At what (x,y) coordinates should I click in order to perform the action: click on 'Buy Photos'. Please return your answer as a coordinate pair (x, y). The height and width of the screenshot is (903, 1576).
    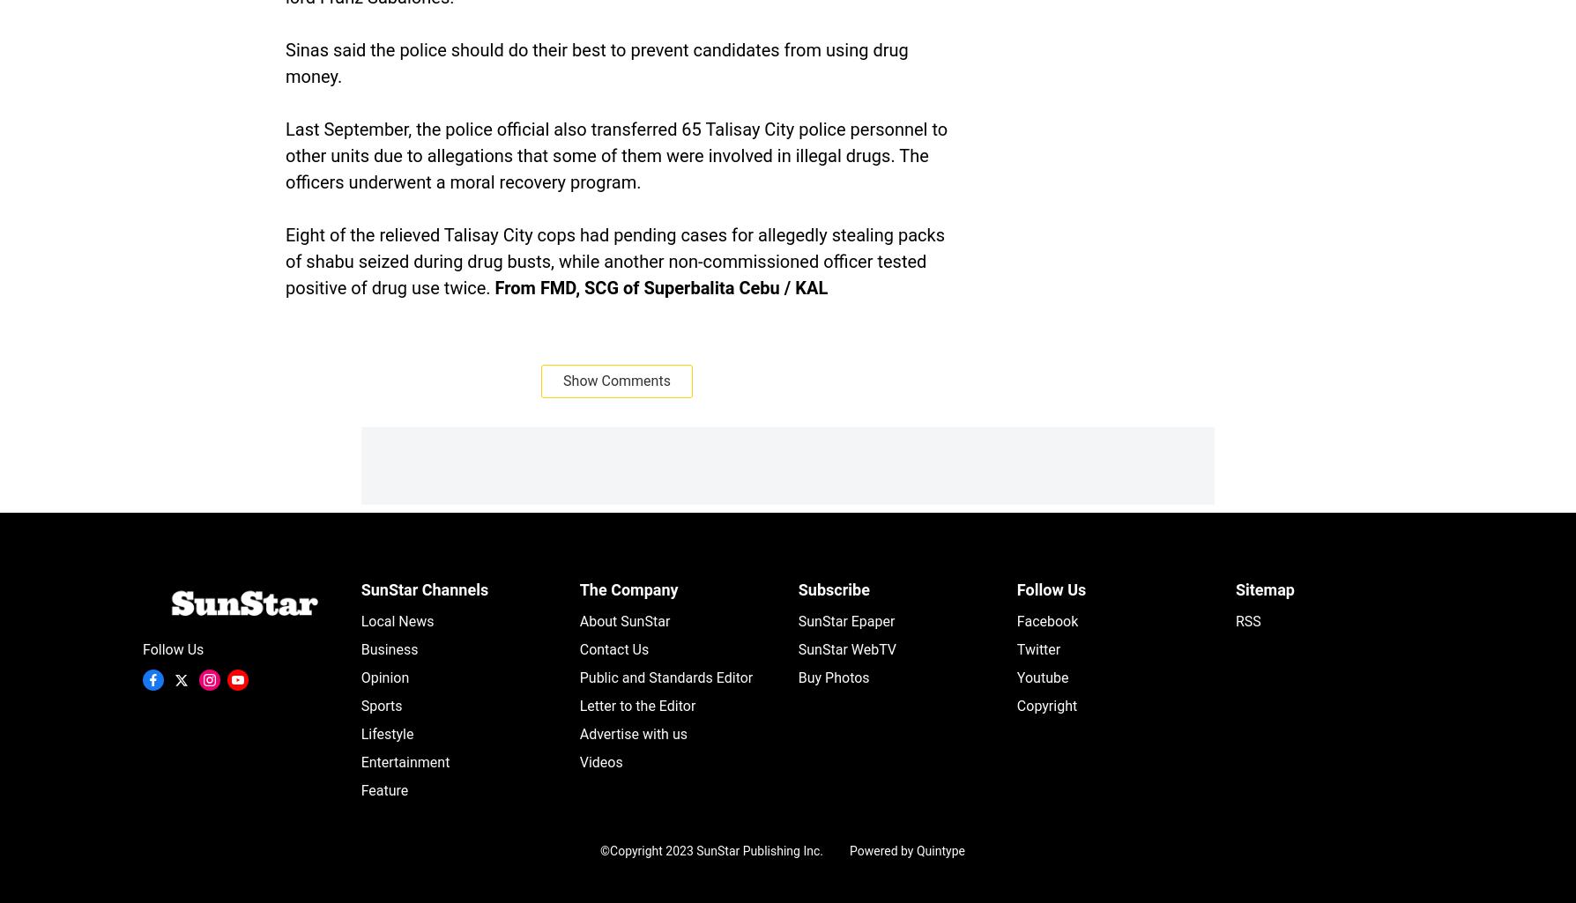
    Looking at the image, I should click on (798, 677).